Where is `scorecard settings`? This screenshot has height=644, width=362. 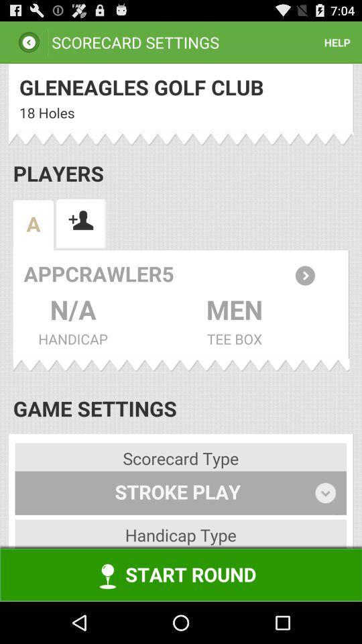
scorecard settings is located at coordinates (181, 331).